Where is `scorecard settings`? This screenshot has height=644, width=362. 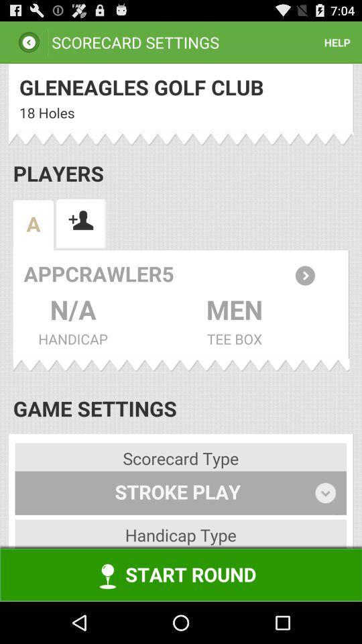
scorecard settings is located at coordinates (181, 331).